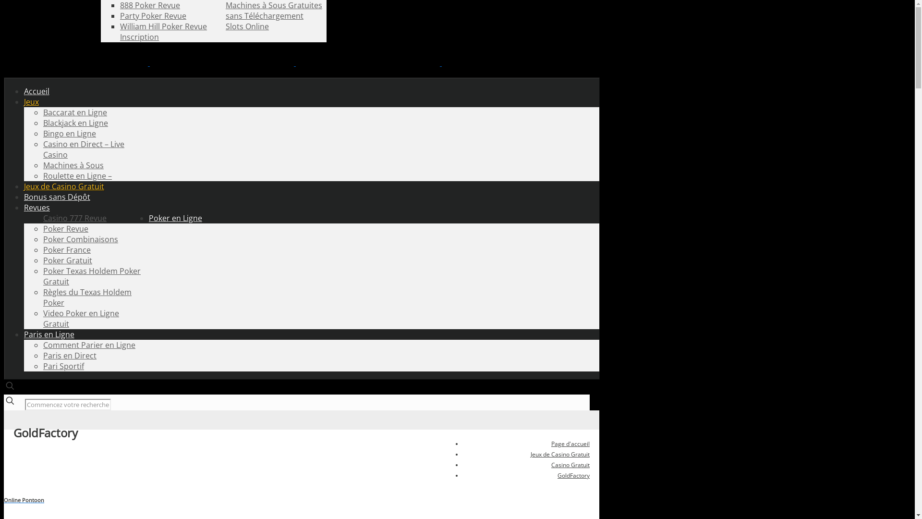 This screenshot has width=922, height=519. What do you see at coordinates (43, 260) in the screenshot?
I see `'Poker Gratuit'` at bounding box center [43, 260].